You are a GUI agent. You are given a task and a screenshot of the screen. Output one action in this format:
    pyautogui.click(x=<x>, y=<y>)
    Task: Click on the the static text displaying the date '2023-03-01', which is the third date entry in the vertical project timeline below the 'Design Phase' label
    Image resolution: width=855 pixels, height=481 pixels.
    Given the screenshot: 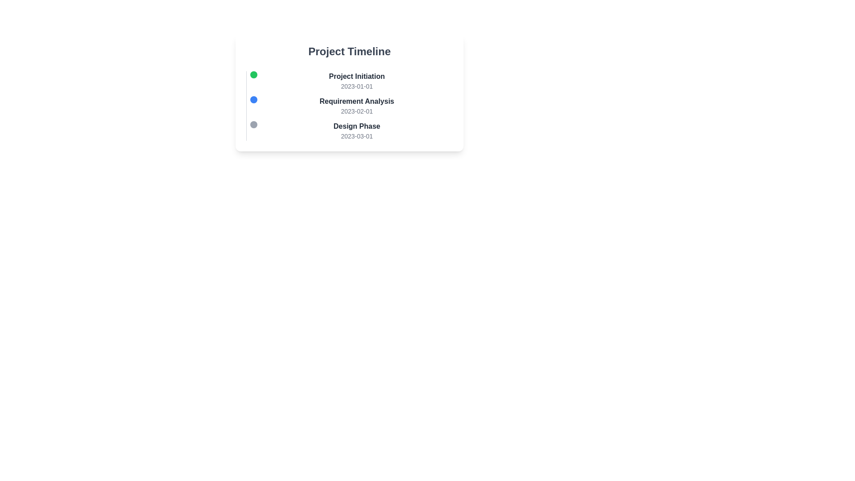 What is the action you would take?
    pyautogui.click(x=357, y=136)
    